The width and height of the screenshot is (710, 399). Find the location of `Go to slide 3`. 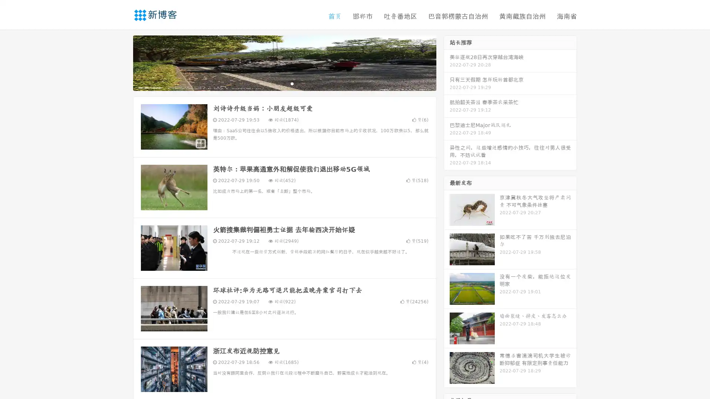

Go to slide 3 is located at coordinates (292, 83).